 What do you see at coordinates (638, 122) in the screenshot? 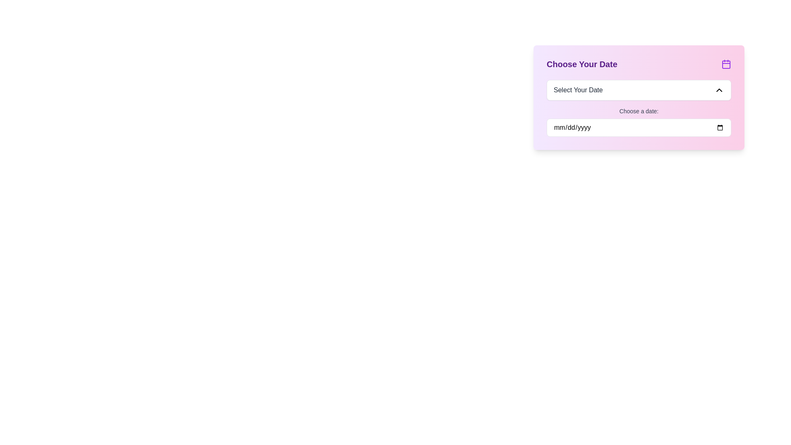
I see `the Date Picker Input Field labeled 'Choose a date:' to activate the input for date selection` at bounding box center [638, 122].